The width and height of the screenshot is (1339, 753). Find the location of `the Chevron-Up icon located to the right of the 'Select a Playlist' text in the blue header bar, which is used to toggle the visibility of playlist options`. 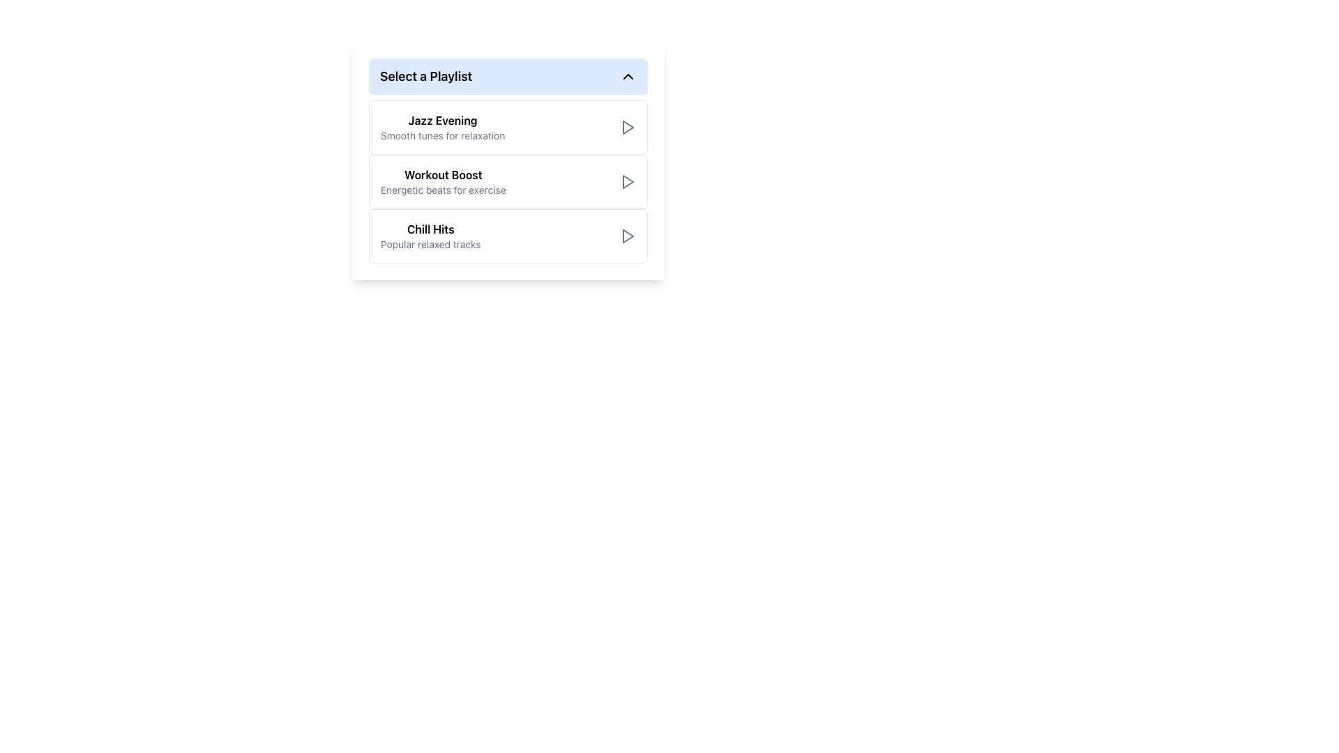

the Chevron-Up icon located to the right of the 'Select a Playlist' text in the blue header bar, which is used to toggle the visibility of playlist options is located at coordinates (628, 77).